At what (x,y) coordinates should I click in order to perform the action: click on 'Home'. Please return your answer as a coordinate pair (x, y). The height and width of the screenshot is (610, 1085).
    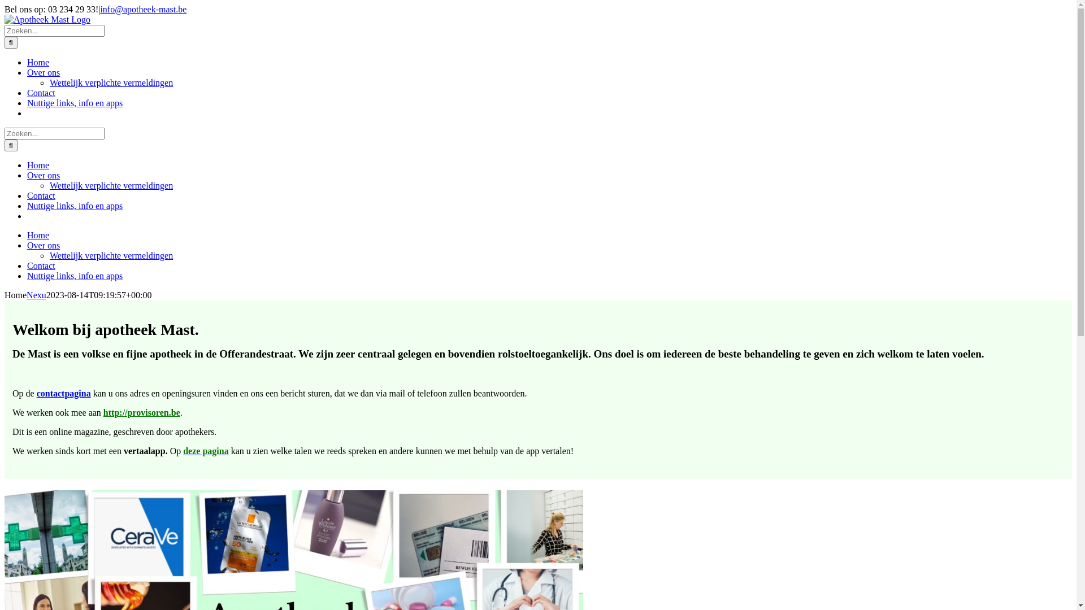
    Looking at the image, I should click on (38, 62).